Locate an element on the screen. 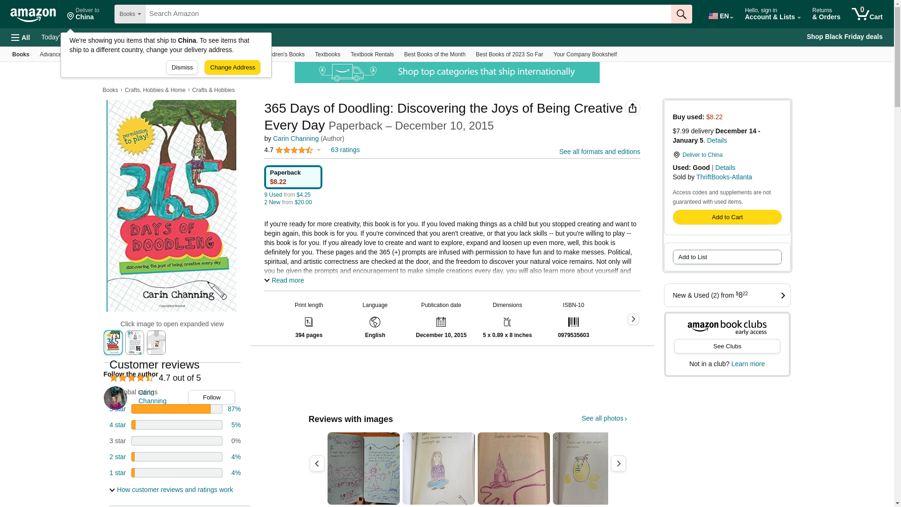 This screenshot has width=901, height=507. '1 star' is located at coordinates (117, 472).